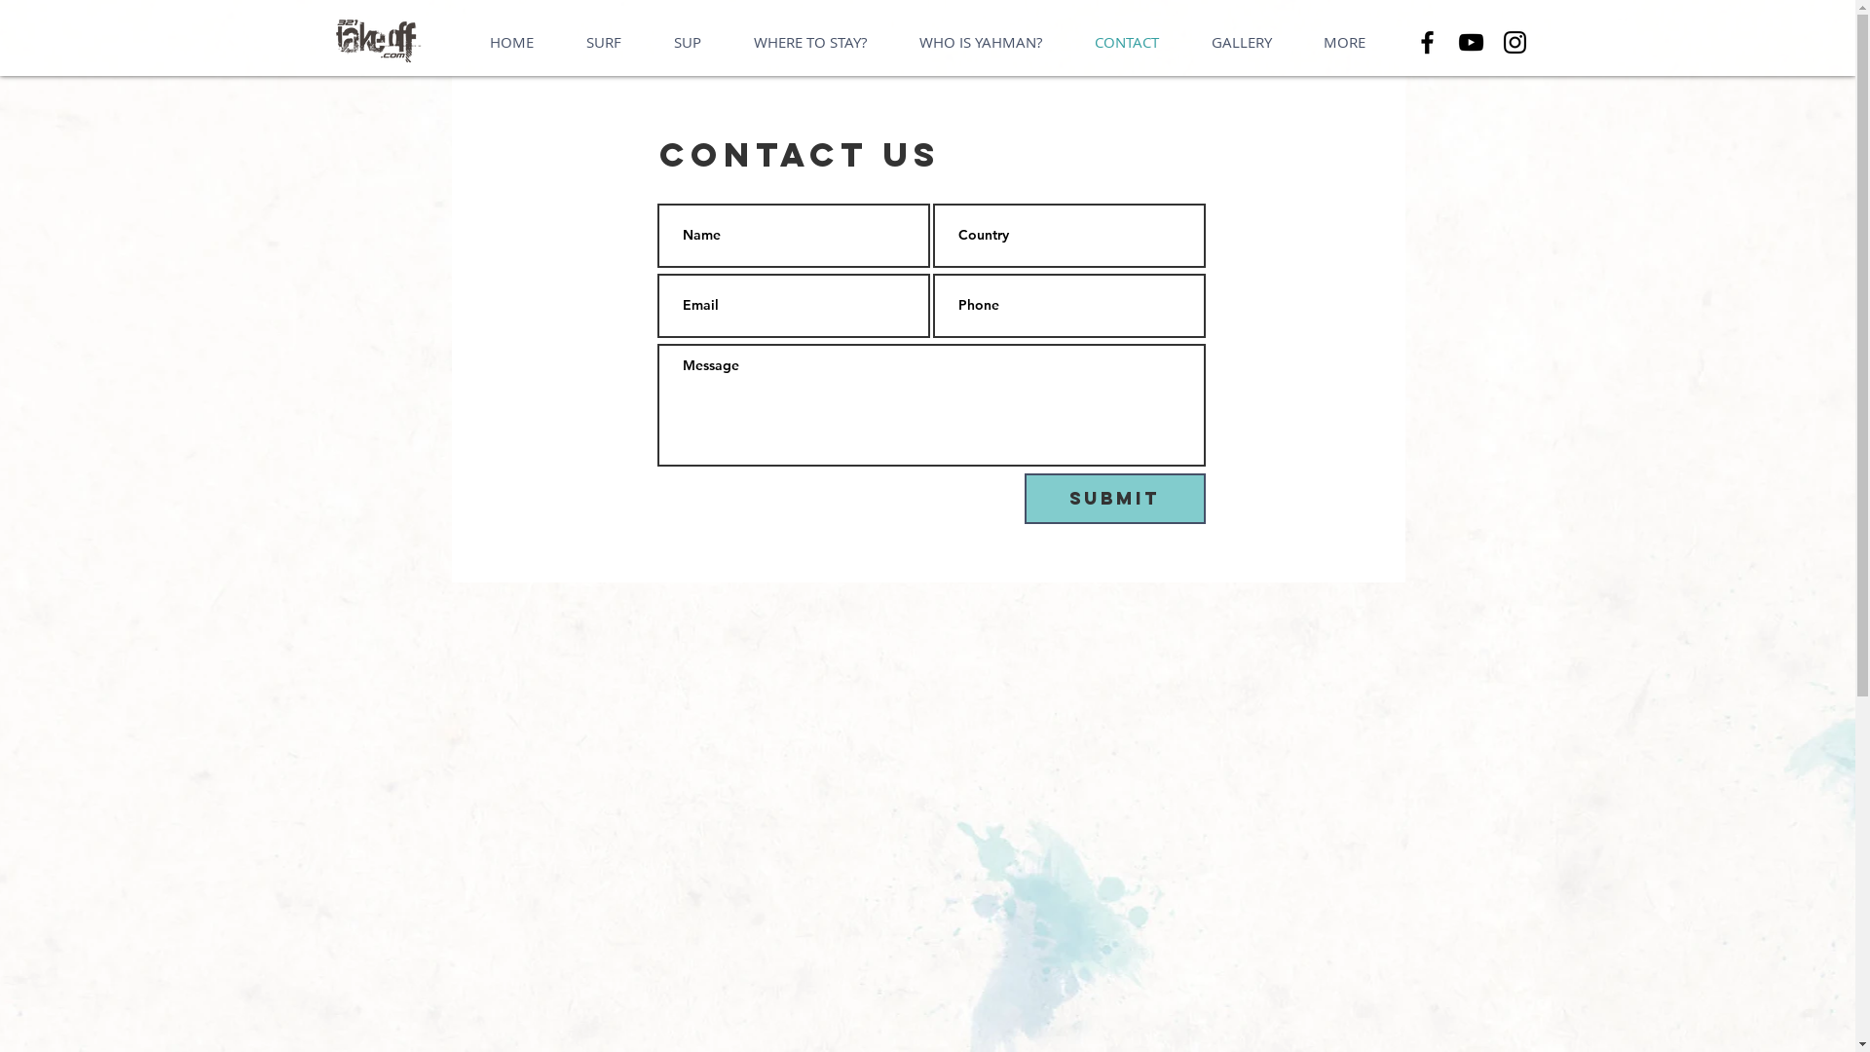  I want to click on 'SURF', so click(602, 42).